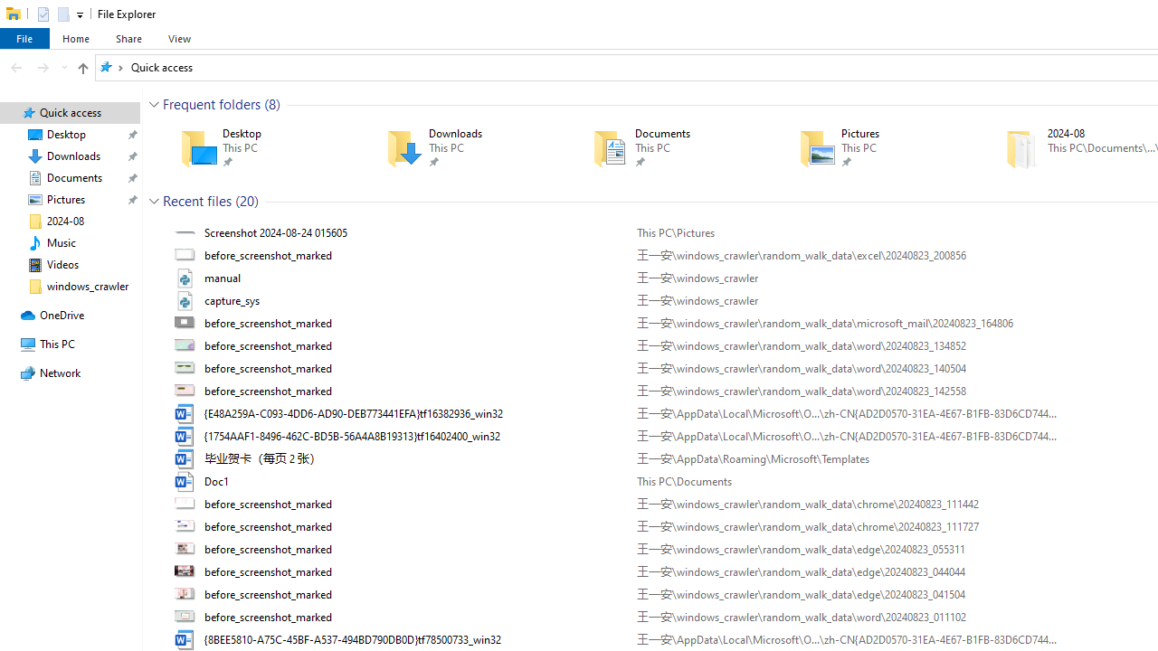 Image resolution: width=1158 pixels, height=651 pixels. What do you see at coordinates (43, 66) in the screenshot?
I see `'Forward (Alt + Right Arrow)'` at bounding box center [43, 66].